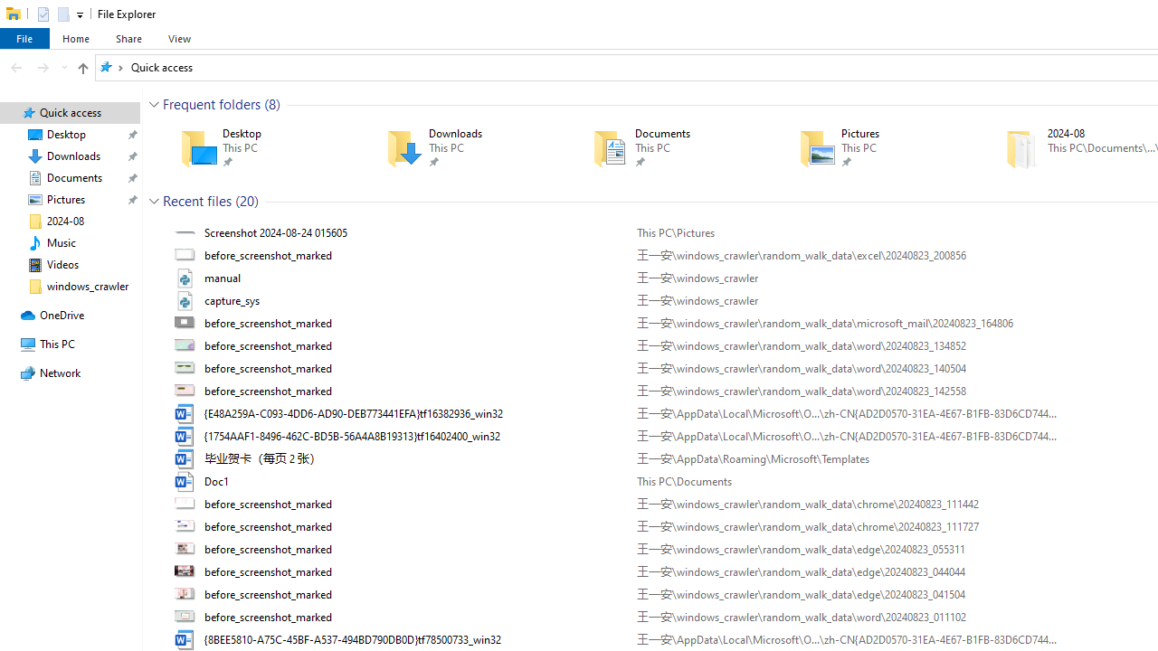 Image resolution: width=1158 pixels, height=651 pixels. What do you see at coordinates (43, 66) in the screenshot?
I see `'Forward (Alt + Right Arrow)'` at bounding box center [43, 66].